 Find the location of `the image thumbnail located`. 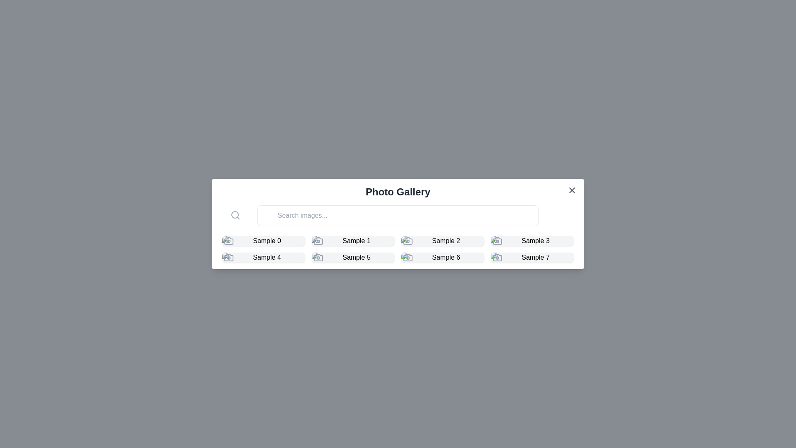

the image thumbnail located is located at coordinates (353, 257).